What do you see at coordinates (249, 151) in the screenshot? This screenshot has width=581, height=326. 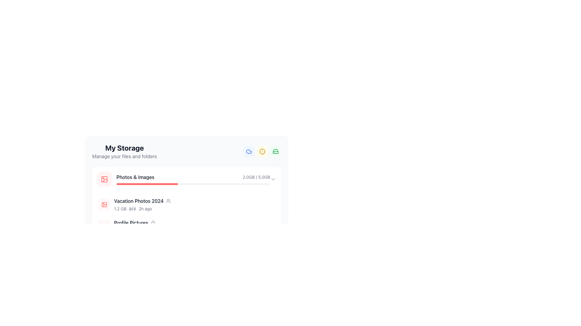 I see `the cloud-related status indicator icon located in the top-right corner of the interface` at bounding box center [249, 151].